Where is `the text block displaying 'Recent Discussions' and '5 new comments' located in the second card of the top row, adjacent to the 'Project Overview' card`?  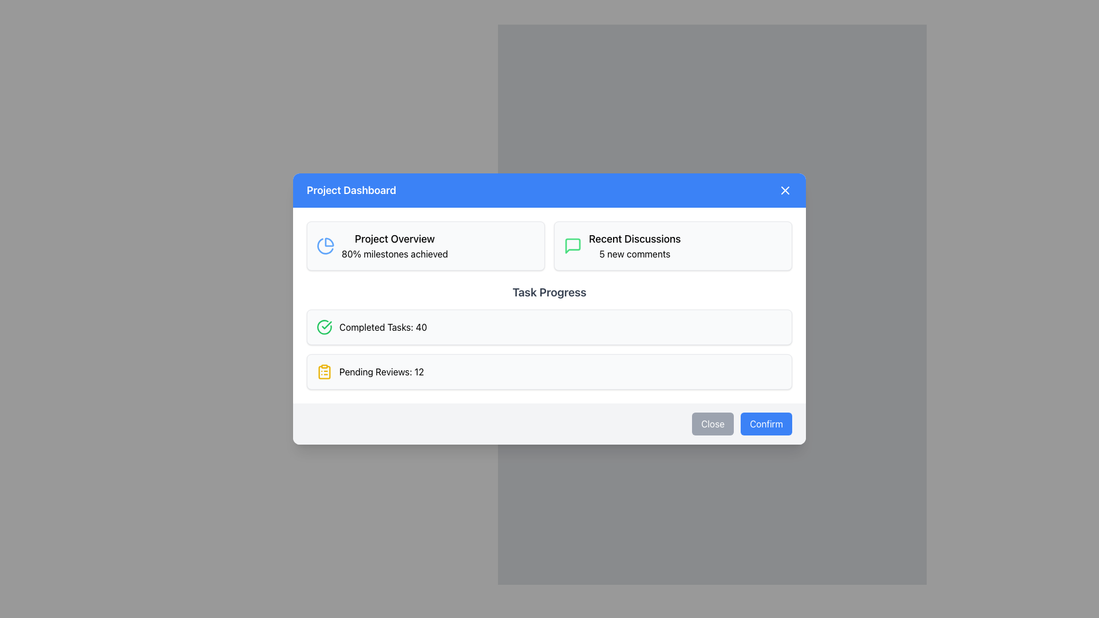 the text block displaying 'Recent Discussions' and '5 new comments' located in the second card of the top row, adjacent to the 'Project Overview' card is located at coordinates (634, 245).